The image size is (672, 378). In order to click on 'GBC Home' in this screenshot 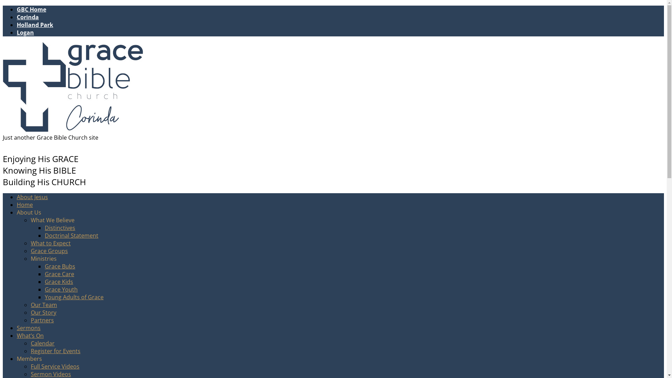, I will do `click(31, 9)`.